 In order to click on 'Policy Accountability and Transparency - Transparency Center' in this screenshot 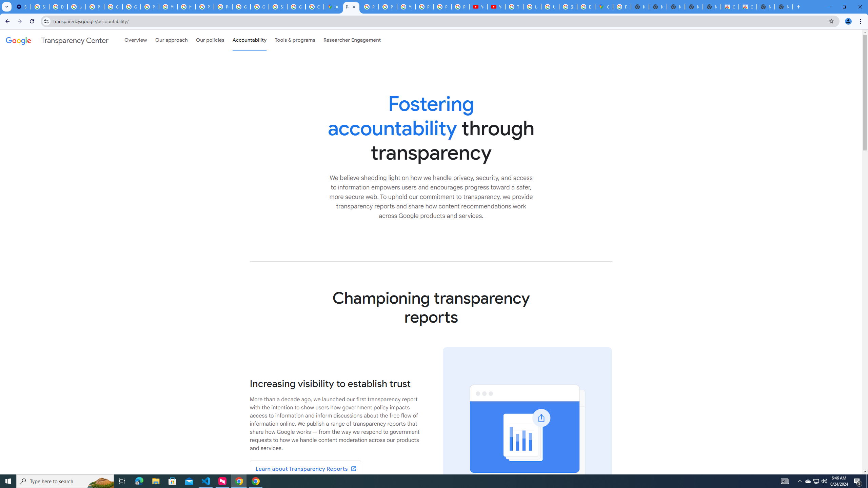, I will do `click(351, 6)`.